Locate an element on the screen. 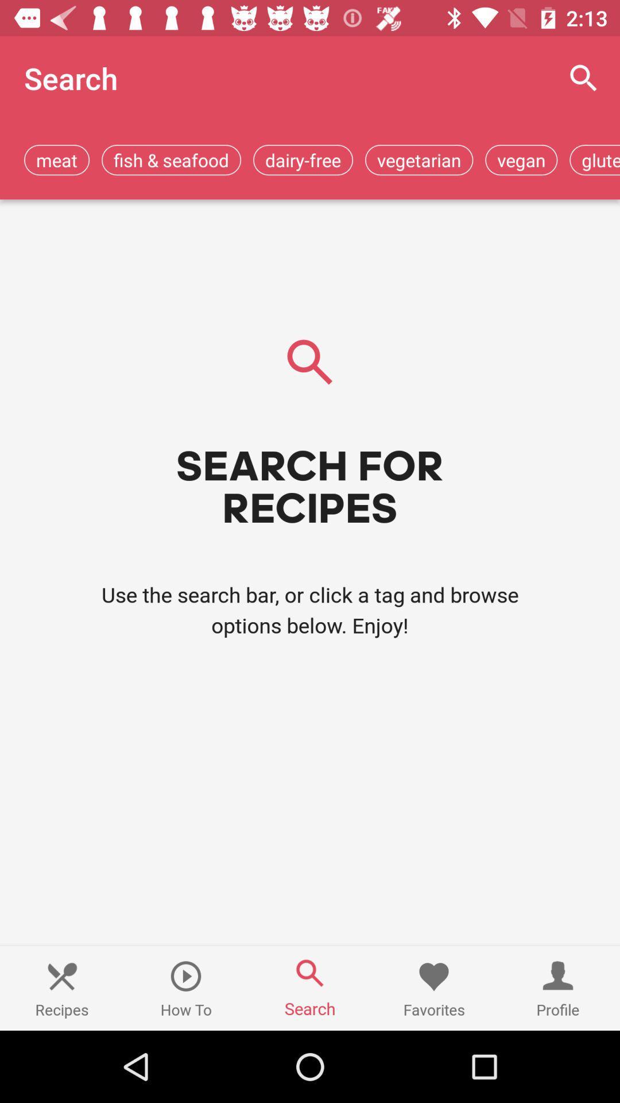 This screenshot has width=620, height=1103. dairy-free icon is located at coordinates (303, 159).